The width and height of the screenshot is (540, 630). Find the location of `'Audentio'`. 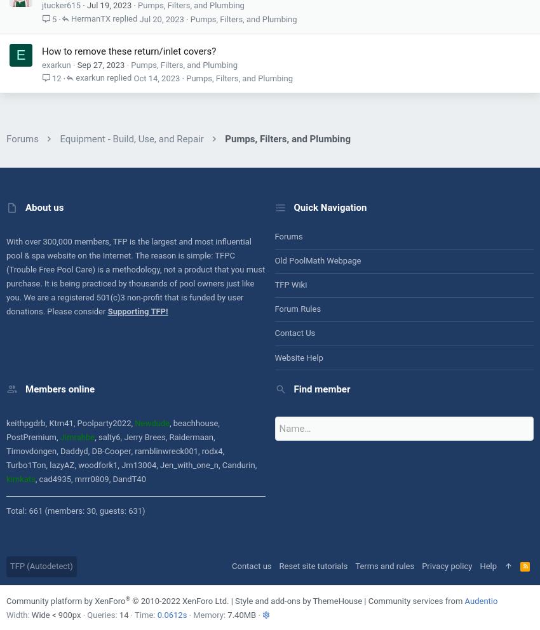

'Audentio' is located at coordinates (481, 600).